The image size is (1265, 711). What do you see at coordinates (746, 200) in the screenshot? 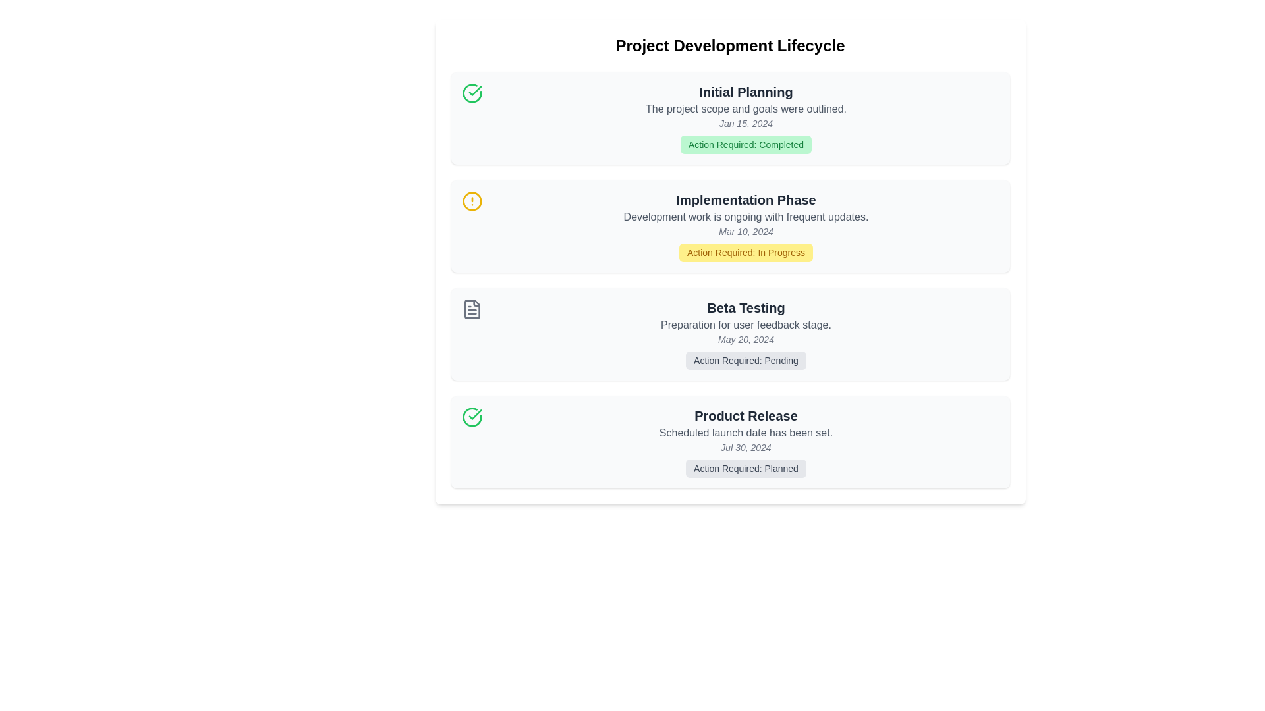
I see `the text label displaying 'Implementation Phase' which is bold and large in dark gray color, located centrally aligned under the section header 'Implementation Phase'` at bounding box center [746, 200].